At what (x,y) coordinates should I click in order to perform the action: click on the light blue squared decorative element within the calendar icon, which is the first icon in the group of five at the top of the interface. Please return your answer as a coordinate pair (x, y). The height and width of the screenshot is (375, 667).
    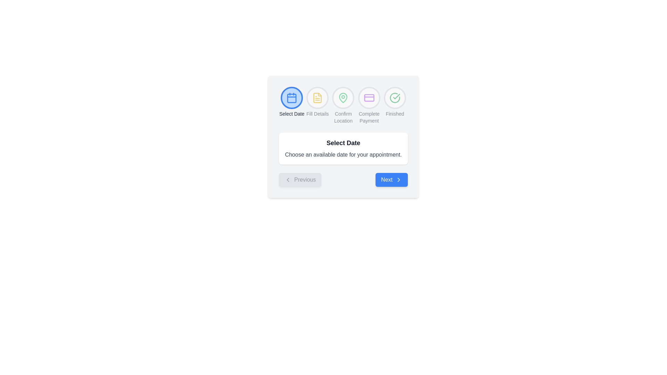
    Looking at the image, I should click on (292, 98).